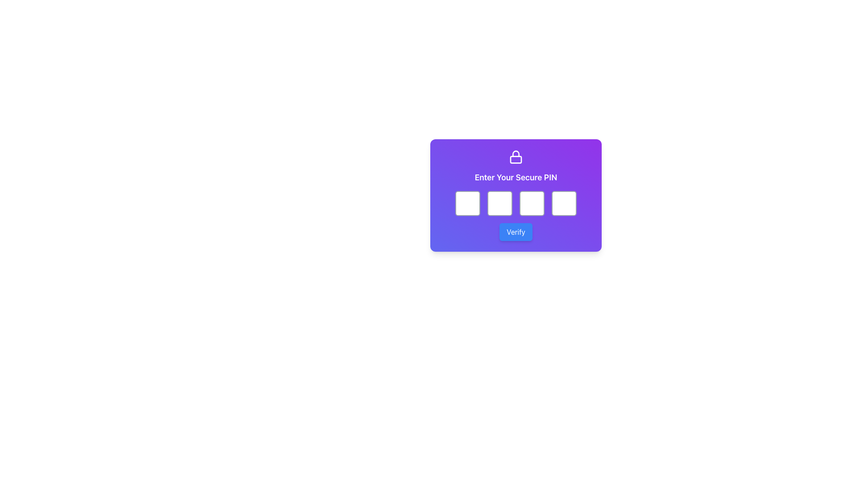  I want to click on the Password input box, which is the first input field in a horizontal sequence of four, styled with rounded edges and a focused appearance when active, so click(467, 203).